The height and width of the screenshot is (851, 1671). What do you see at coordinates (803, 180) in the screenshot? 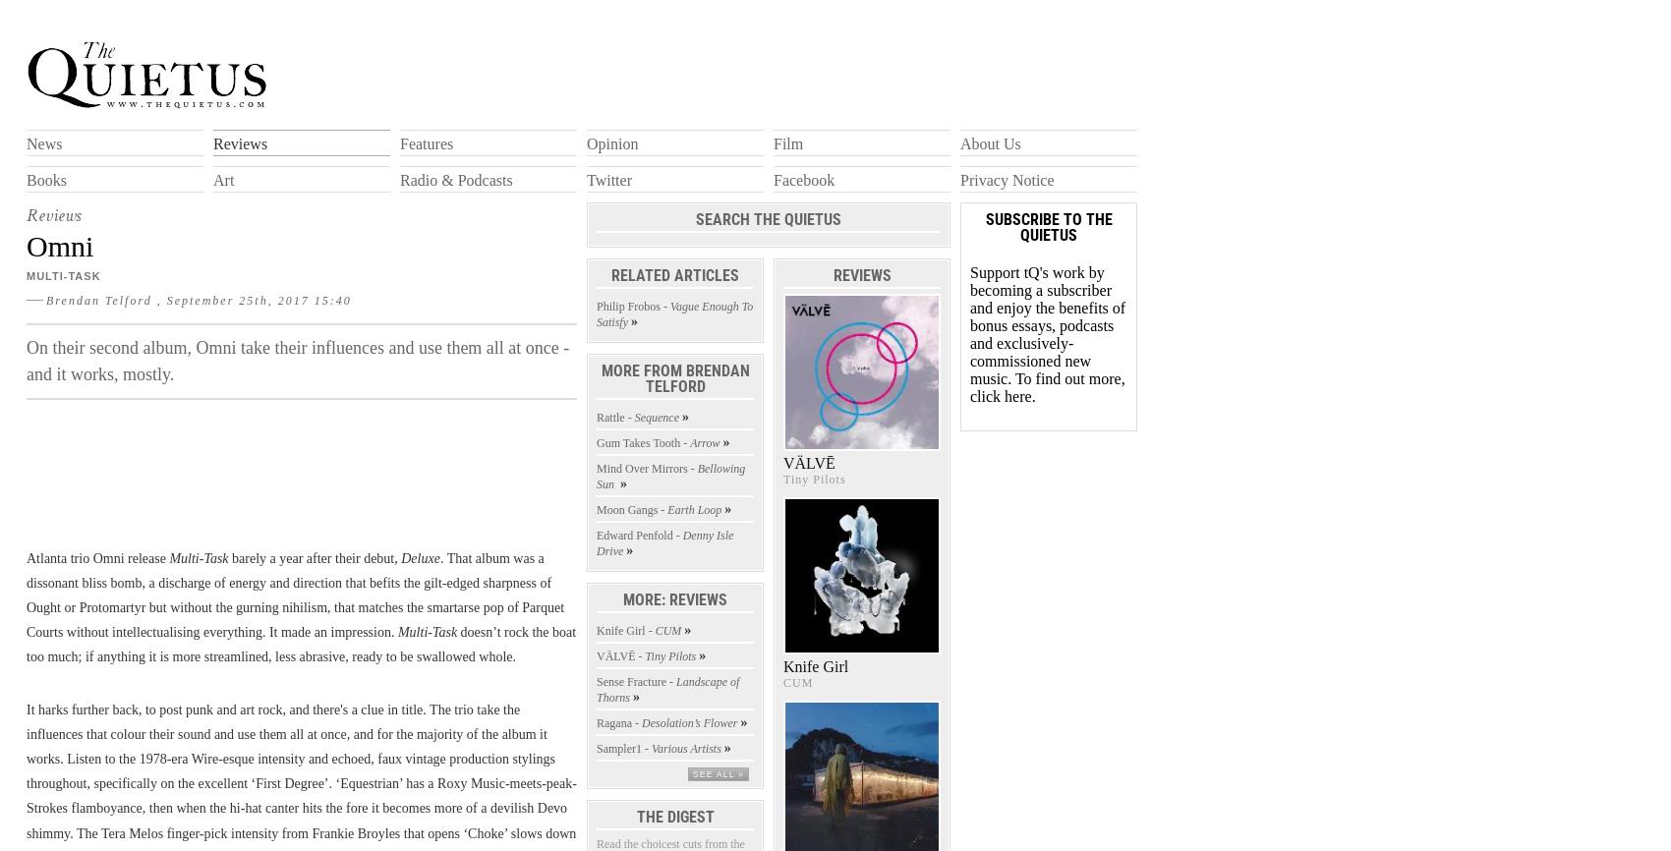
I see `'Facebook'` at bounding box center [803, 180].